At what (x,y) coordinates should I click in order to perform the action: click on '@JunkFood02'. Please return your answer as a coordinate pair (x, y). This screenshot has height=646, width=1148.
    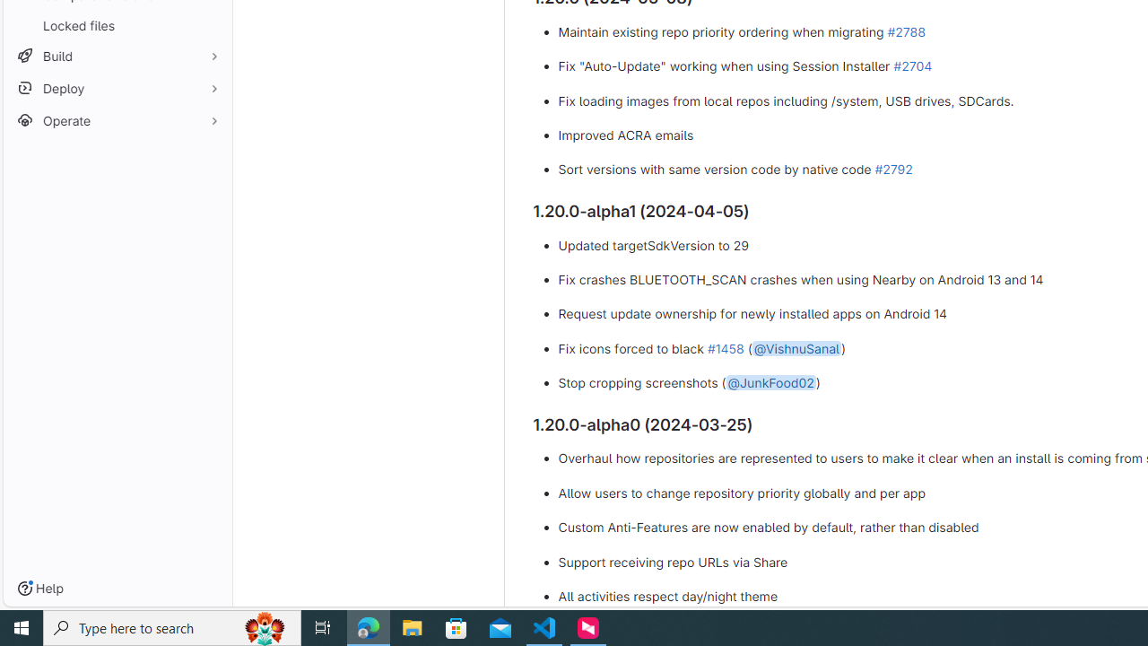
    Looking at the image, I should click on (770, 382).